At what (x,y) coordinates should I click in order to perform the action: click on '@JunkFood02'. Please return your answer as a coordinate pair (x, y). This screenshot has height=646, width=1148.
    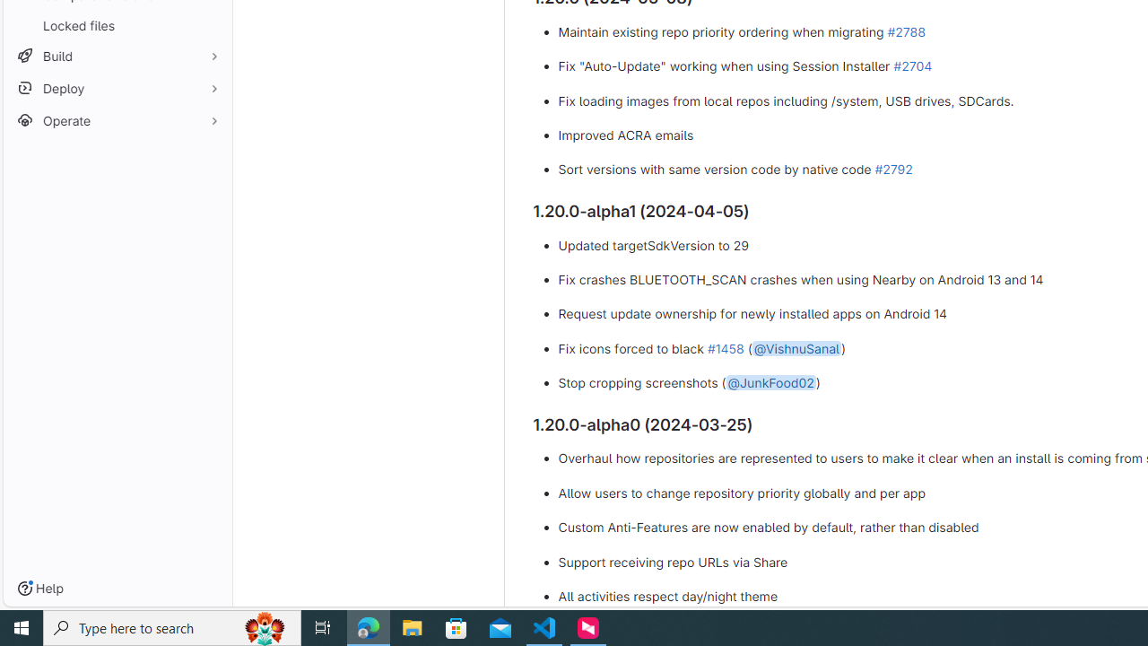
    Looking at the image, I should click on (770, 382).